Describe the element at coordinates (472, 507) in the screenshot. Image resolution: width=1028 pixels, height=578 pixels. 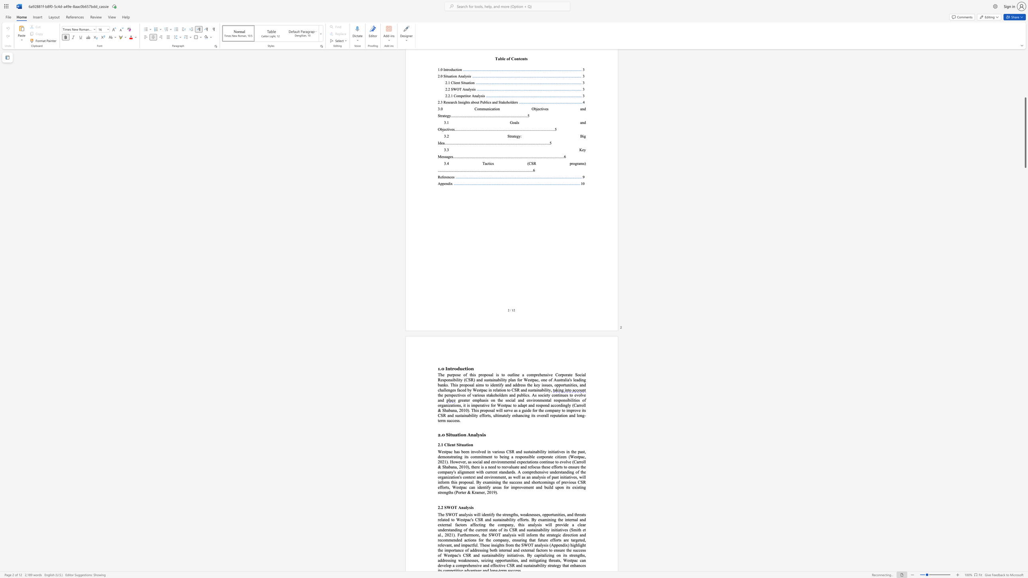
I see `the 2th character "s" in the text` at that location.